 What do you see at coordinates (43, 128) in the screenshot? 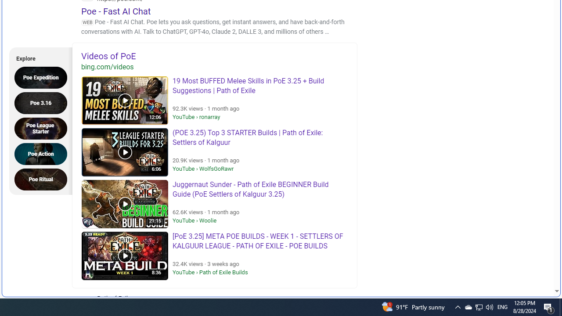
I see `'Poe League Starter'` at bounding box center [43, 128].